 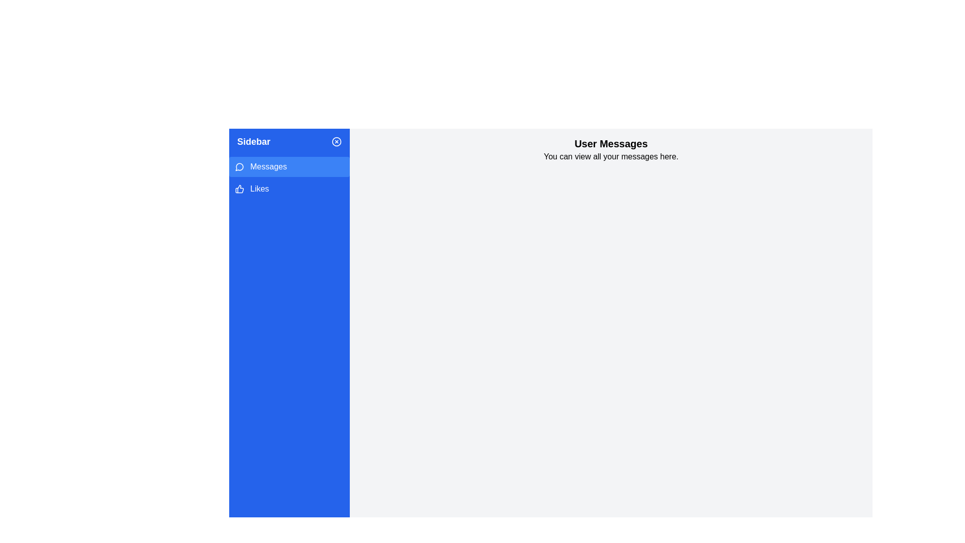 I want to click on the 'Likes' button located in the left sidebar, which is the second item below 'Messages', so click(x=289, y=189).